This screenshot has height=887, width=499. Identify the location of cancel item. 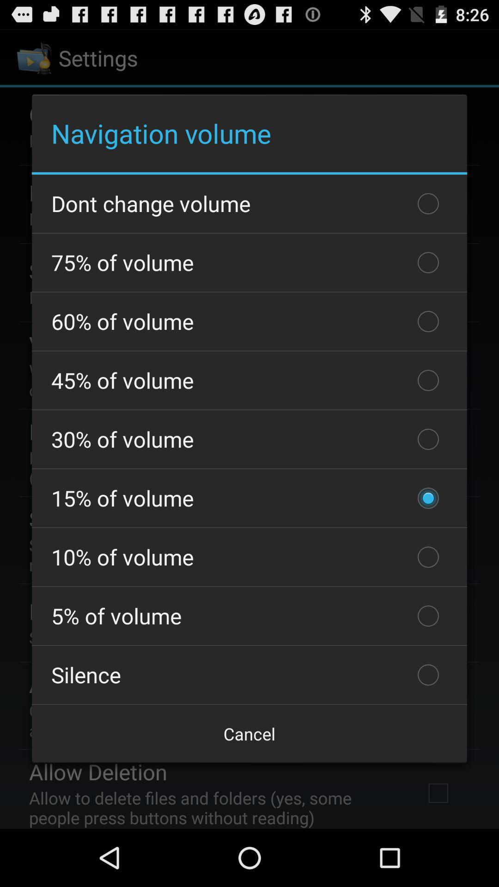
(249, 733).